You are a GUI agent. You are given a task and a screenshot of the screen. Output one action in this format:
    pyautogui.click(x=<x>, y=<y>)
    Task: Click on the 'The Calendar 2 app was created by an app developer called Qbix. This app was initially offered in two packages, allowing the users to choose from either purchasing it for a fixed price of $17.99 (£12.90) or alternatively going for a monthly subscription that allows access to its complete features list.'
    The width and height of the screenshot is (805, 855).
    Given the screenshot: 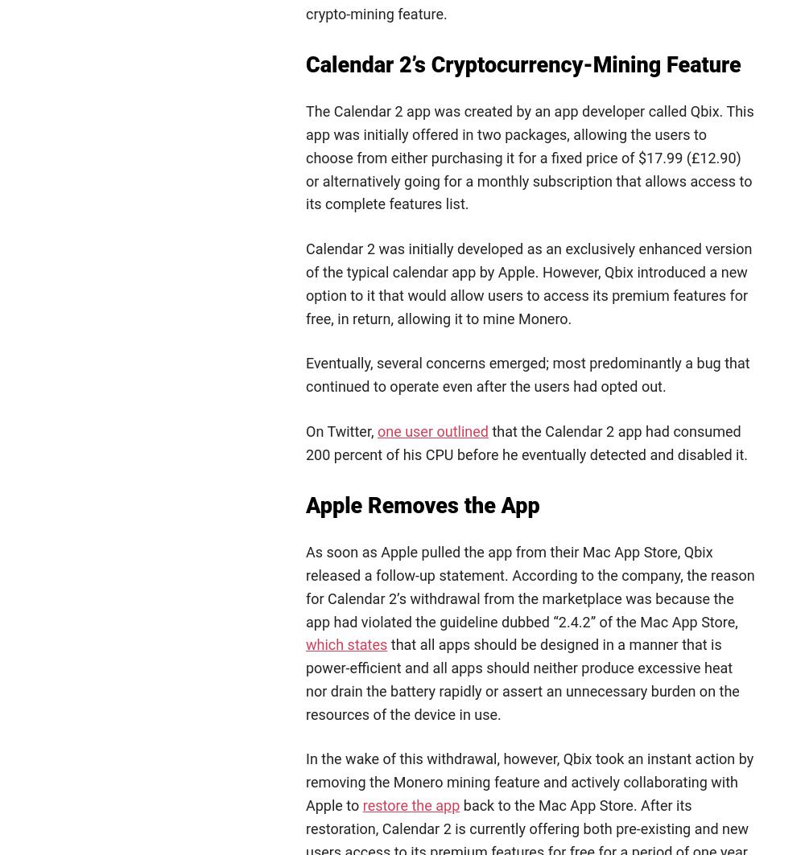 What is the action you would take?
    pyautogui.click(x=530, y=158)
    